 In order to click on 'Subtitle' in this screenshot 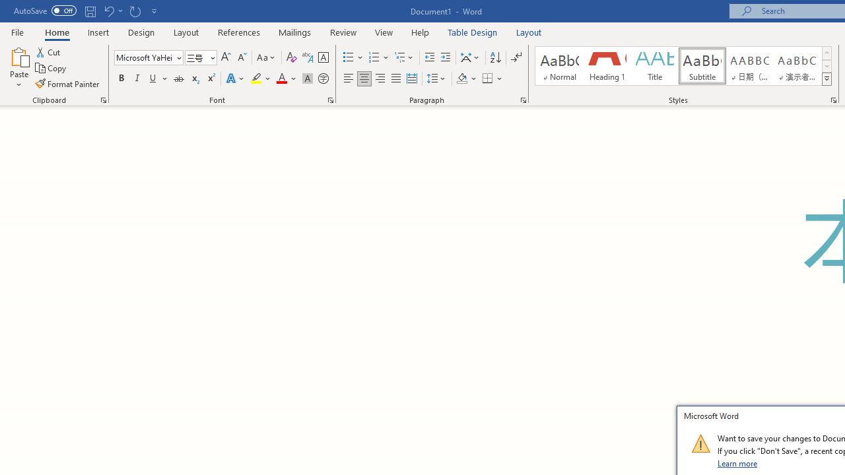, I will do `click(701, 66)`.